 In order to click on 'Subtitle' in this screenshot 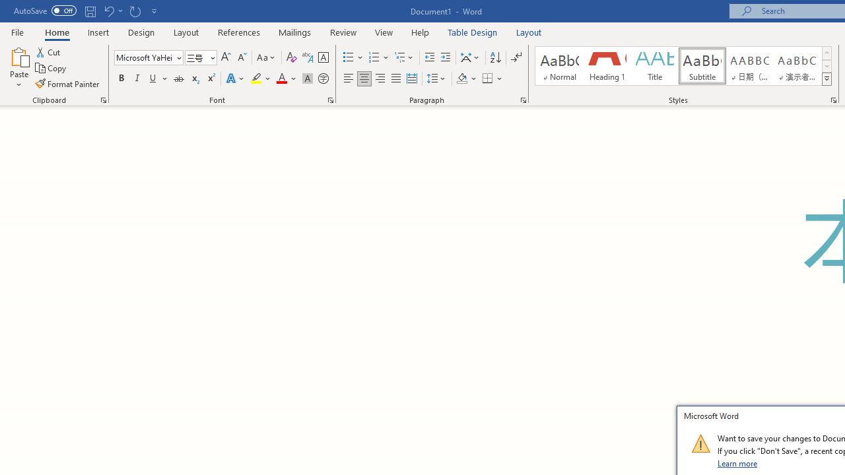, I will do `click(701, 66)`.